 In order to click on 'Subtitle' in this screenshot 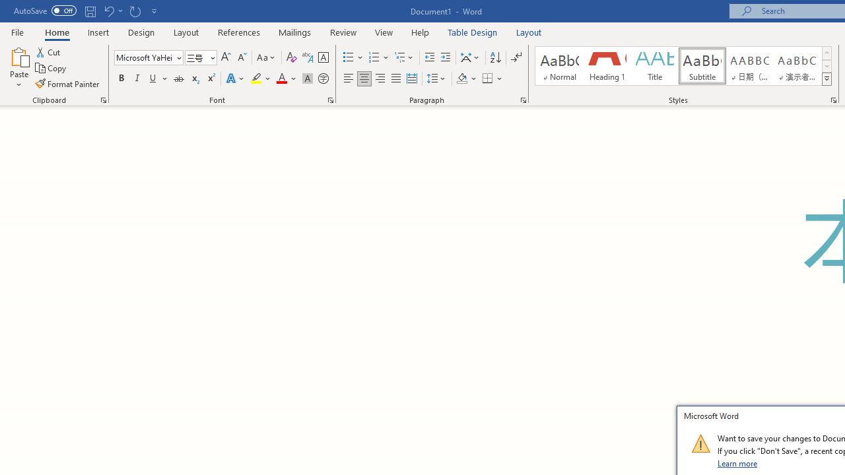, I will do `click(701, 66)`.